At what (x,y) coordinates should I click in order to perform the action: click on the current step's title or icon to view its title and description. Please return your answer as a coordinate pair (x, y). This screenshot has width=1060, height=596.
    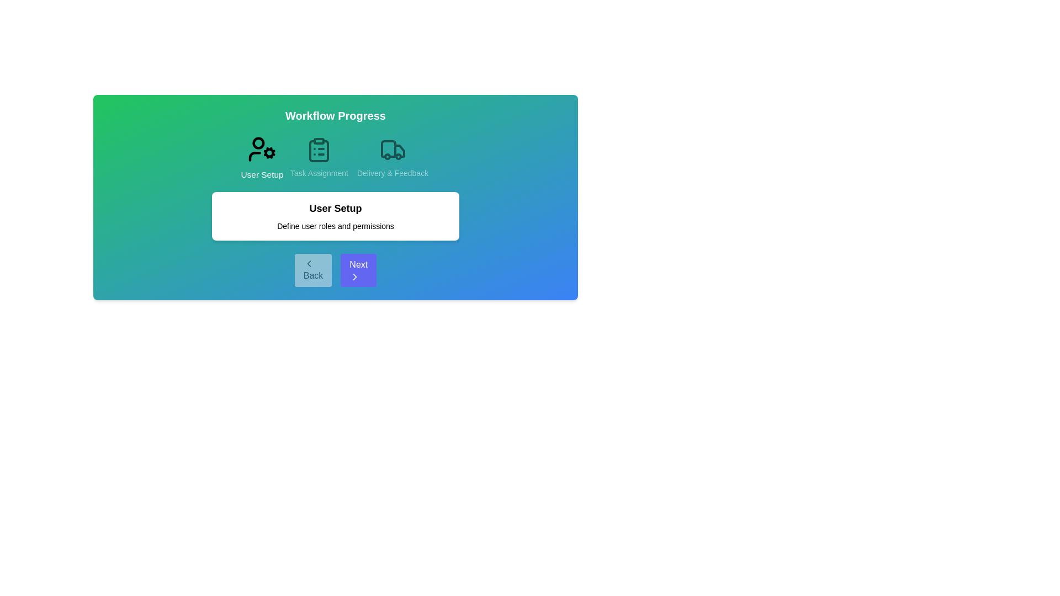
    Looking at the image, I should click on (261, 157).